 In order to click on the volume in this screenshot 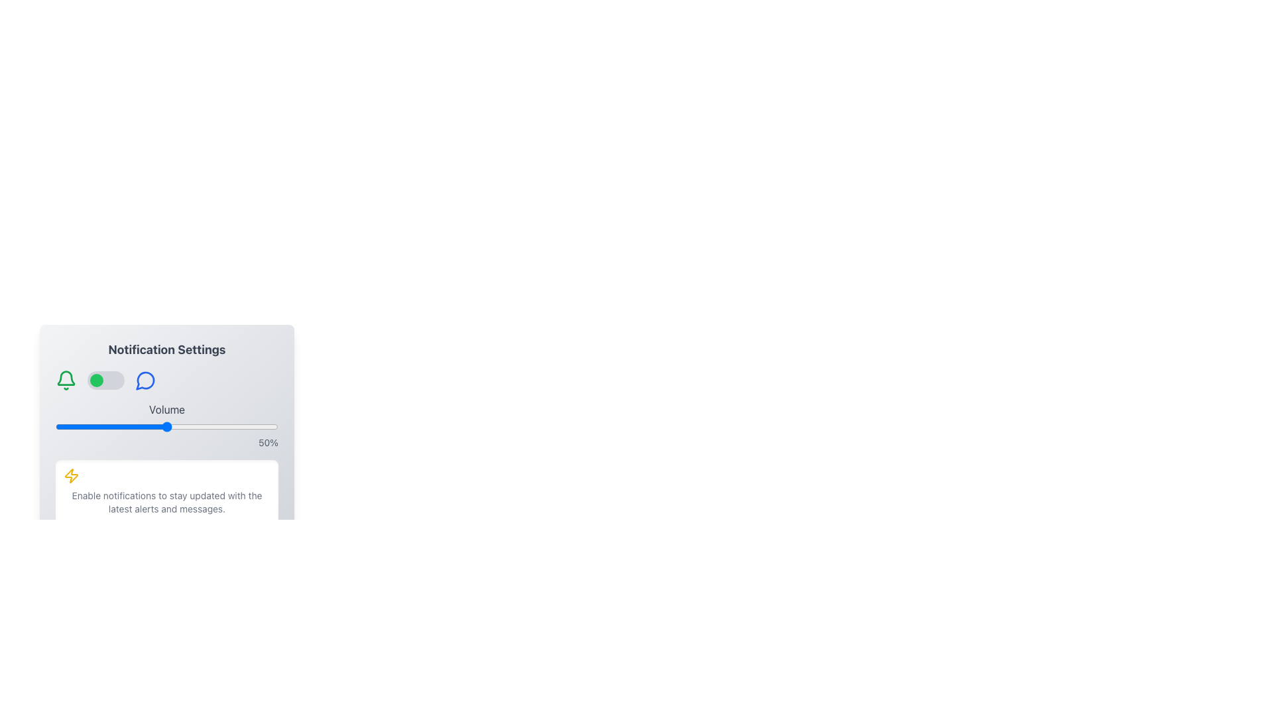, I will do `click(151, 427)`.